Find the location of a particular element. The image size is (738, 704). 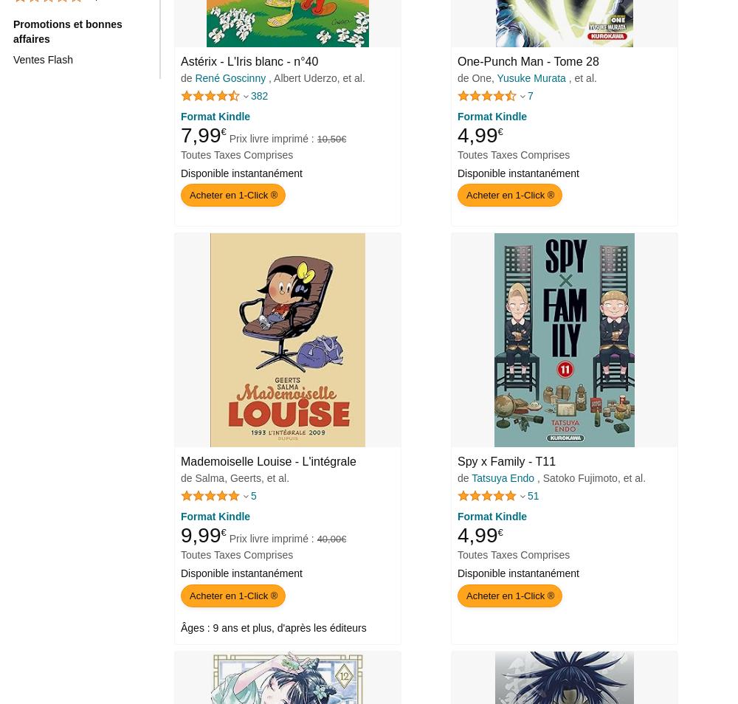

'4,9 sur 5 étoiles' is located at coordinates (474, 500).